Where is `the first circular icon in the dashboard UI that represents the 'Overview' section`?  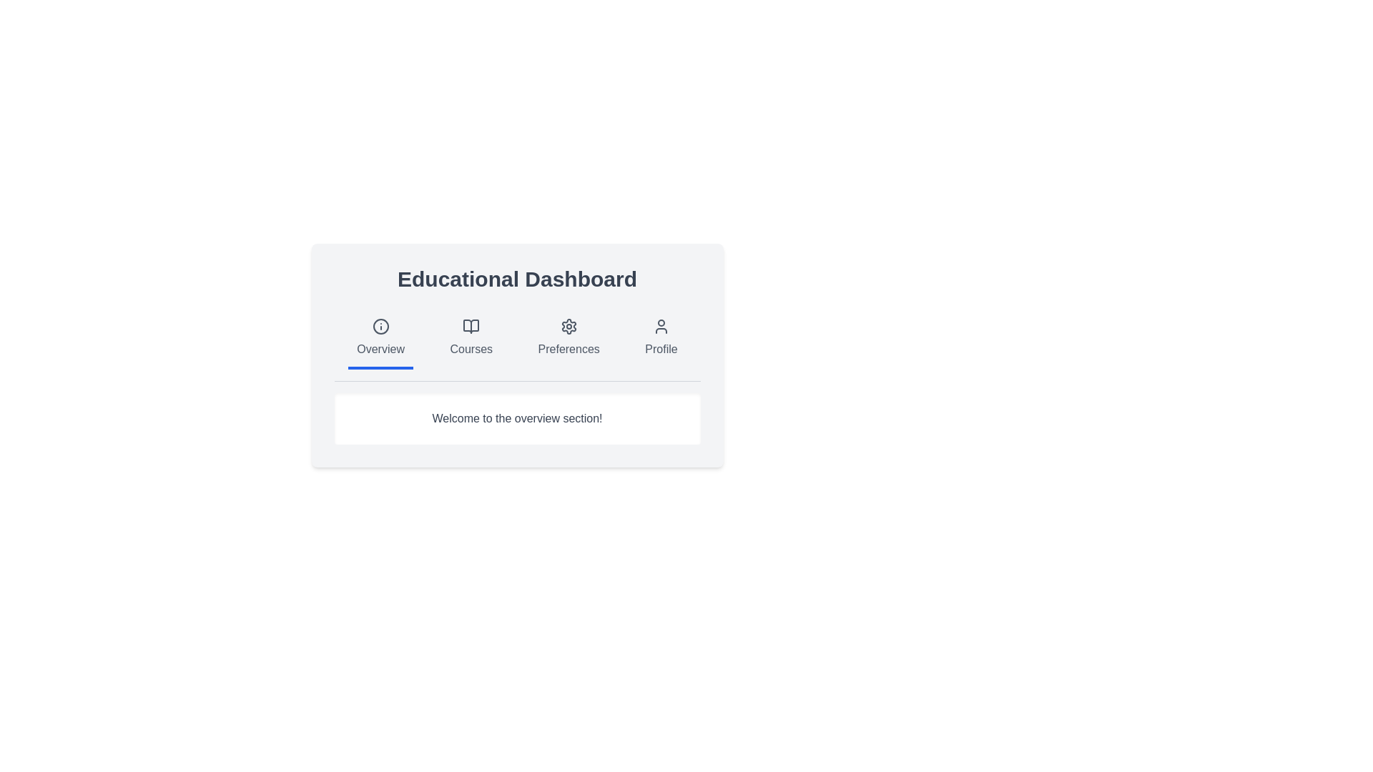 the first circular icon in the dashboard UI that represents the 'Overview' section is located at coordinates (380, 326).